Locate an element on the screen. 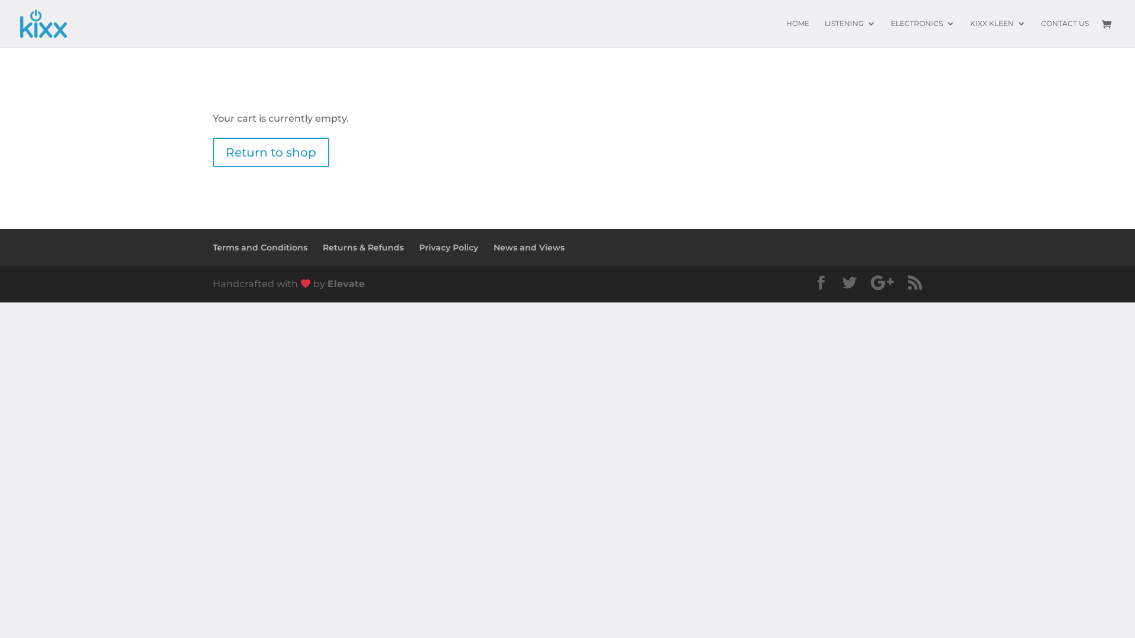 The height and width of the screenshot is (638, 1135). 'KIXX KLEEN' is located at coordinates (997, 32).